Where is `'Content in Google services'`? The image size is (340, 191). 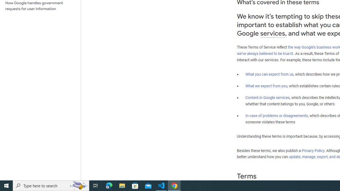 'Content in Google services' is located at coordinates (267, 98).